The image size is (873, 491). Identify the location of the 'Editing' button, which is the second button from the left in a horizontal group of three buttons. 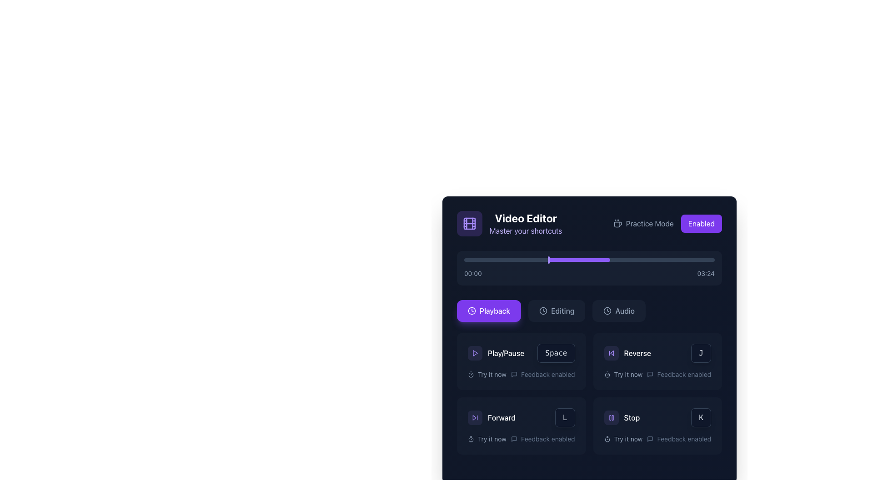
(556, 310).